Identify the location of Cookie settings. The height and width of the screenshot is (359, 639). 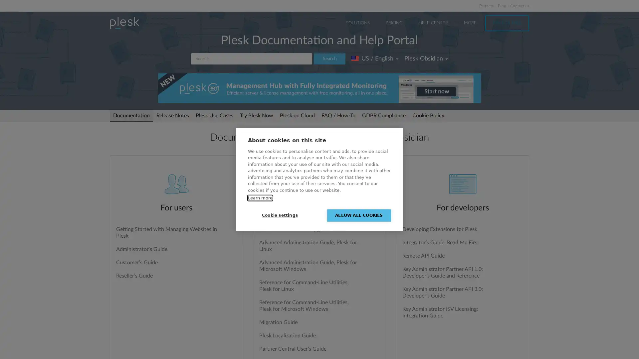
(280, 215).